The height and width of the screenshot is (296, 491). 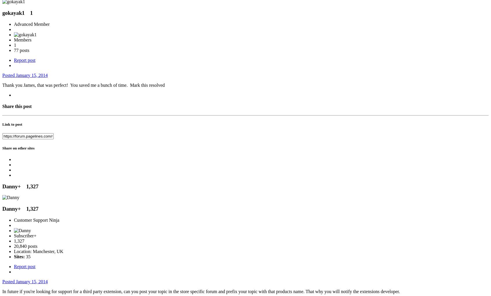 What do you see at coordinates (23, 39) in the screenshot?
I see `'Members'` at bounding box center [23, 39].